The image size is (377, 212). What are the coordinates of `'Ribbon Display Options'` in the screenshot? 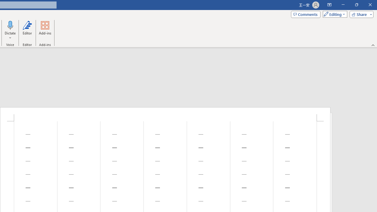 It's located at (329, 5).